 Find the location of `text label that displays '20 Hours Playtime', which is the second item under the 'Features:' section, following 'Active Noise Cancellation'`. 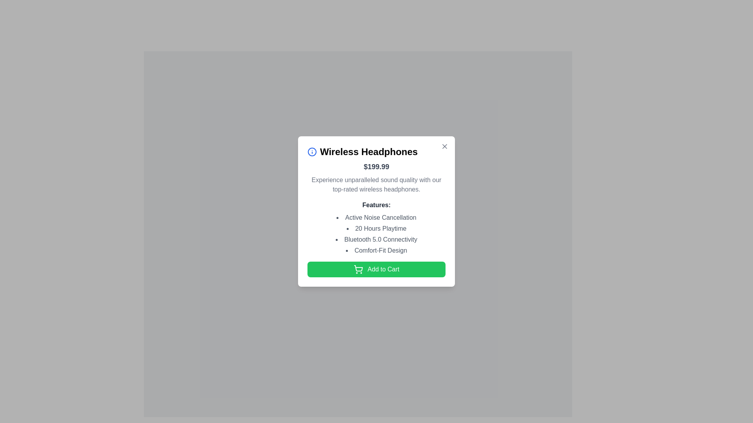

text label that displays '20 Hours Playtime', which is the second item under the 'Features:' section, following 'Active Noise Cancellation' is located at coordinates (376, 228).